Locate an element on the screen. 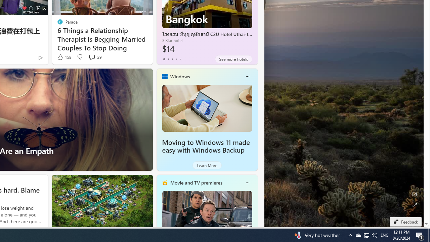 This screenshot has height=242, width=430. 'Windows' is located at coordinates (180, 76).